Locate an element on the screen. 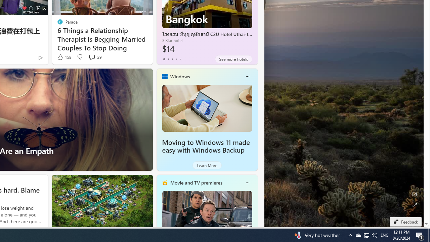 This screenshot has height=242, width=430. 'Windows' is located at coordinates (180, 76).